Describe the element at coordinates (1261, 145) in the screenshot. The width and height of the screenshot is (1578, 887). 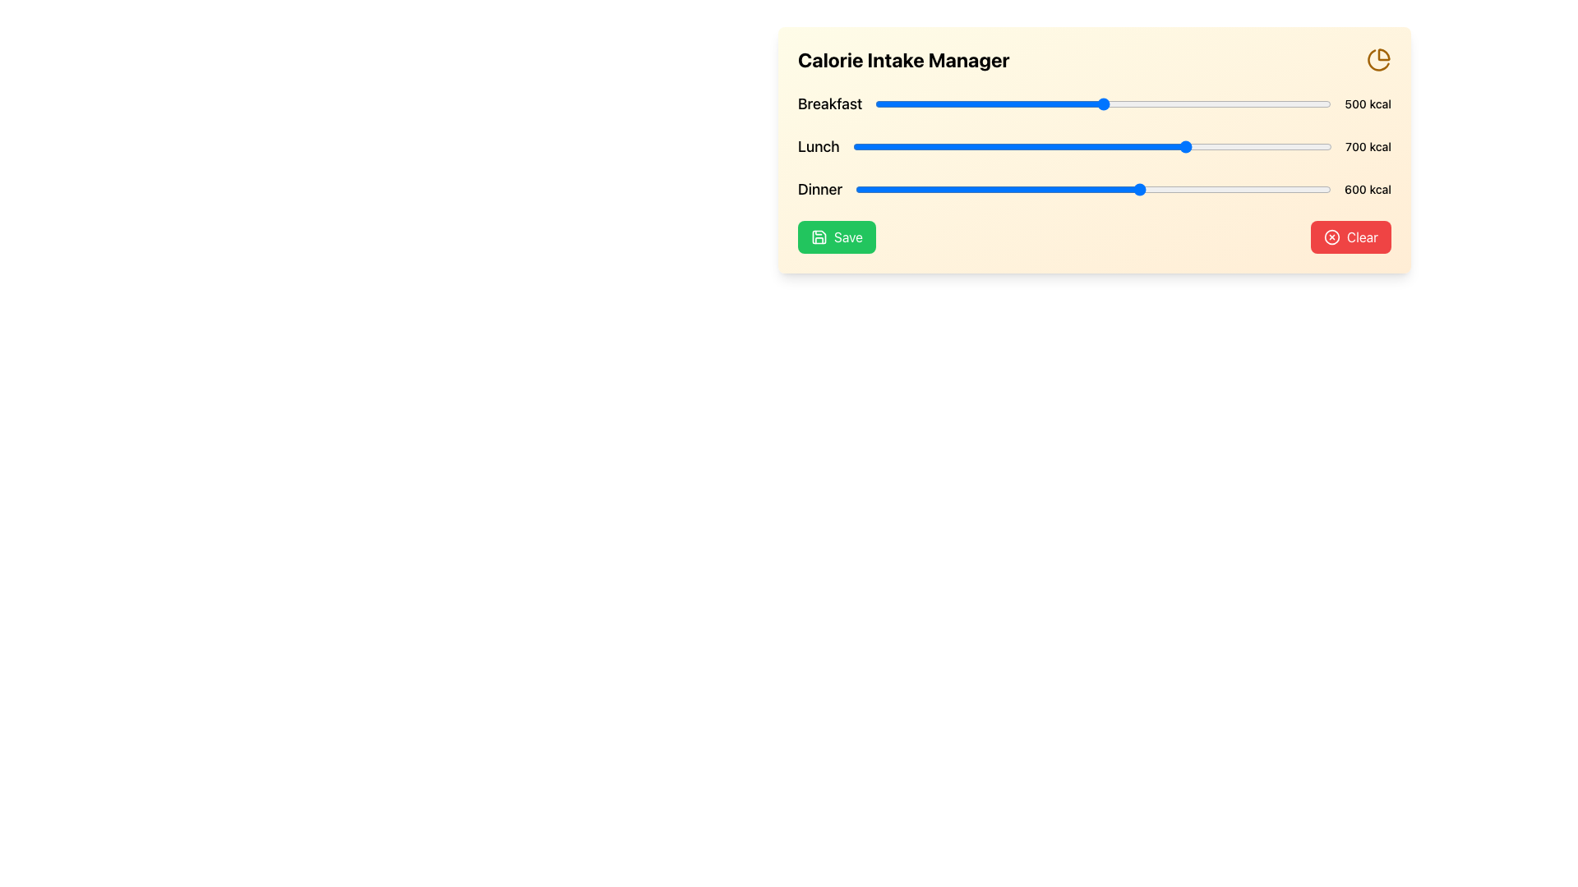
I see `the lunch kcal value` at that location.